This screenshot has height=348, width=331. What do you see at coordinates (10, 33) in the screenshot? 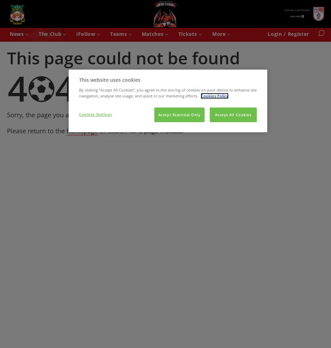
I see `'News'` at bounding box center [10, 33].